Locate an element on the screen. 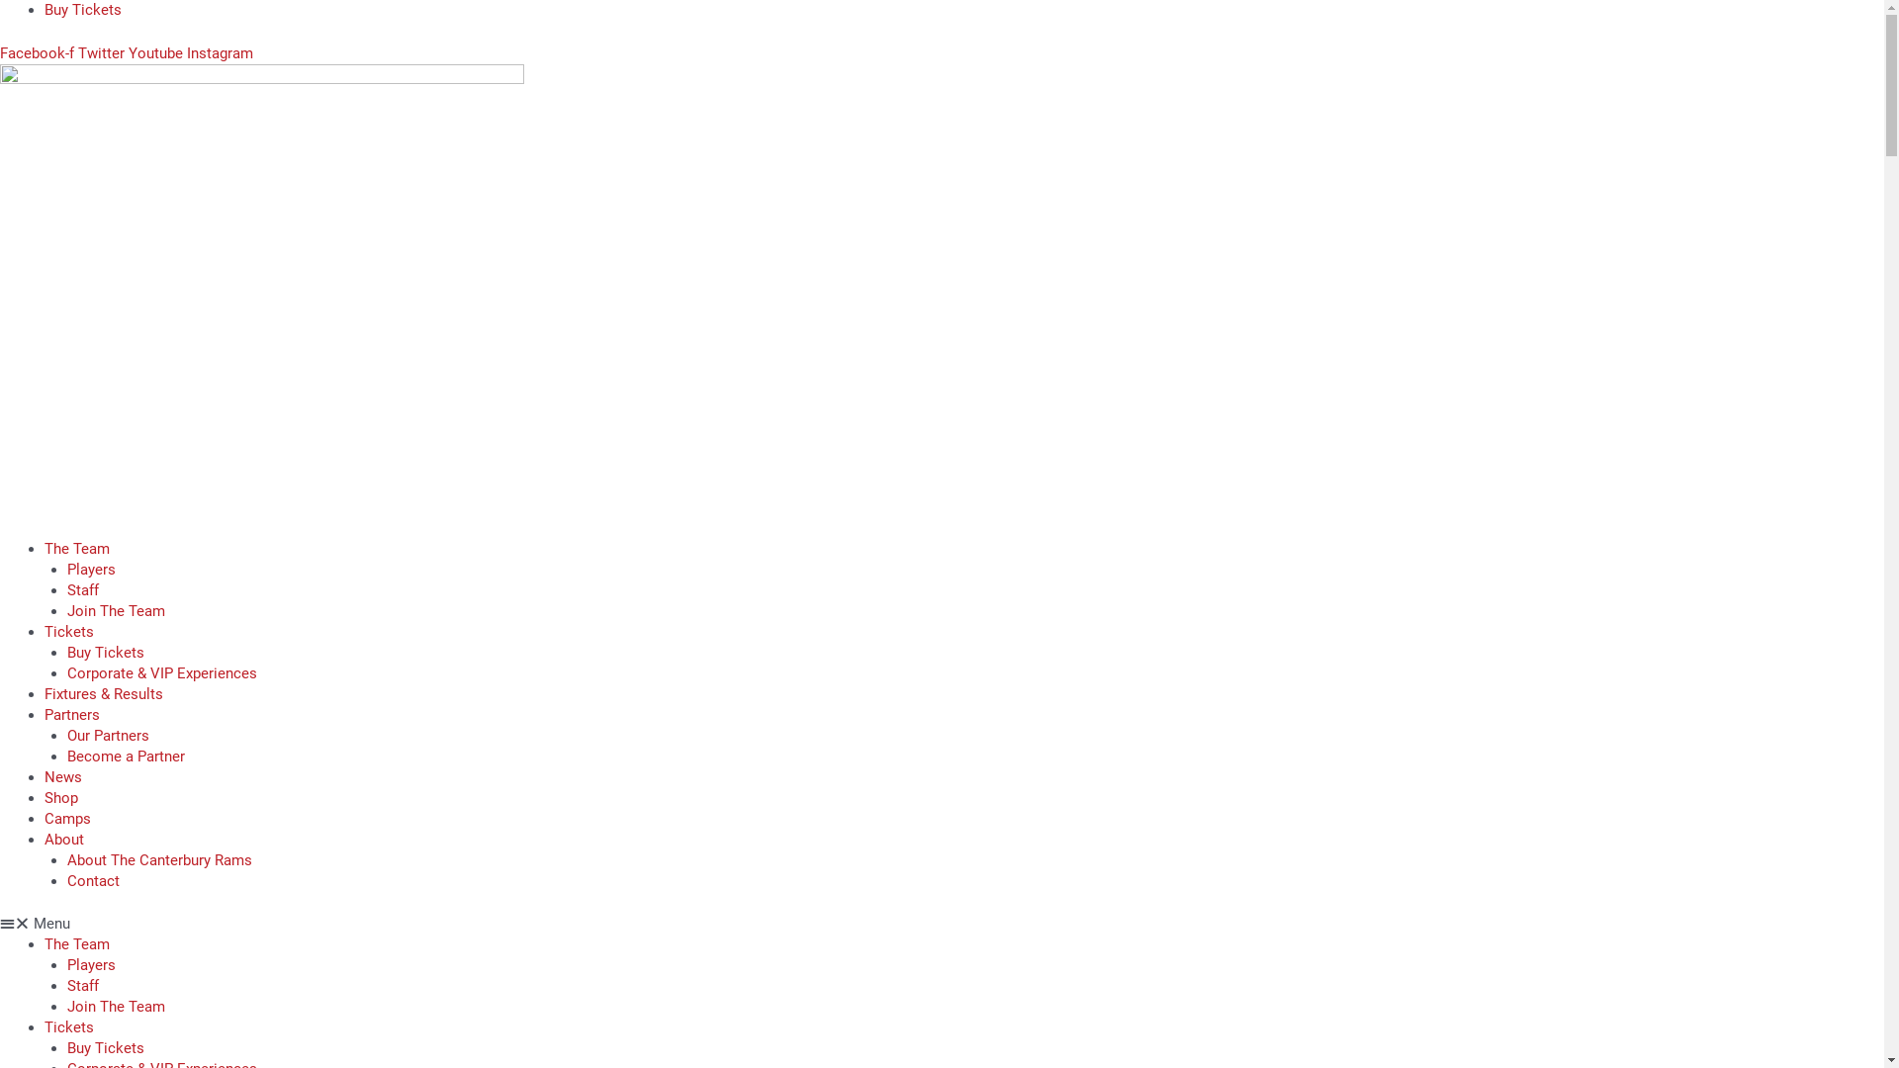 The width and height of the screenshot is (1899, 1068). 'Become a Partner' is located at coordinates (125, 756).